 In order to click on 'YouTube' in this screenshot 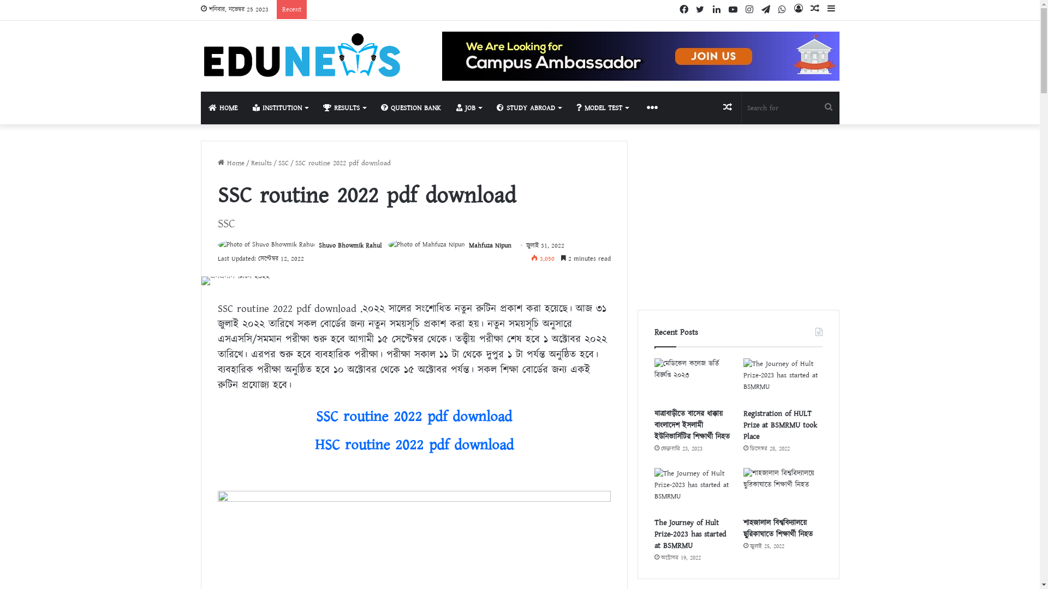, I will do `click(733, 10)`.